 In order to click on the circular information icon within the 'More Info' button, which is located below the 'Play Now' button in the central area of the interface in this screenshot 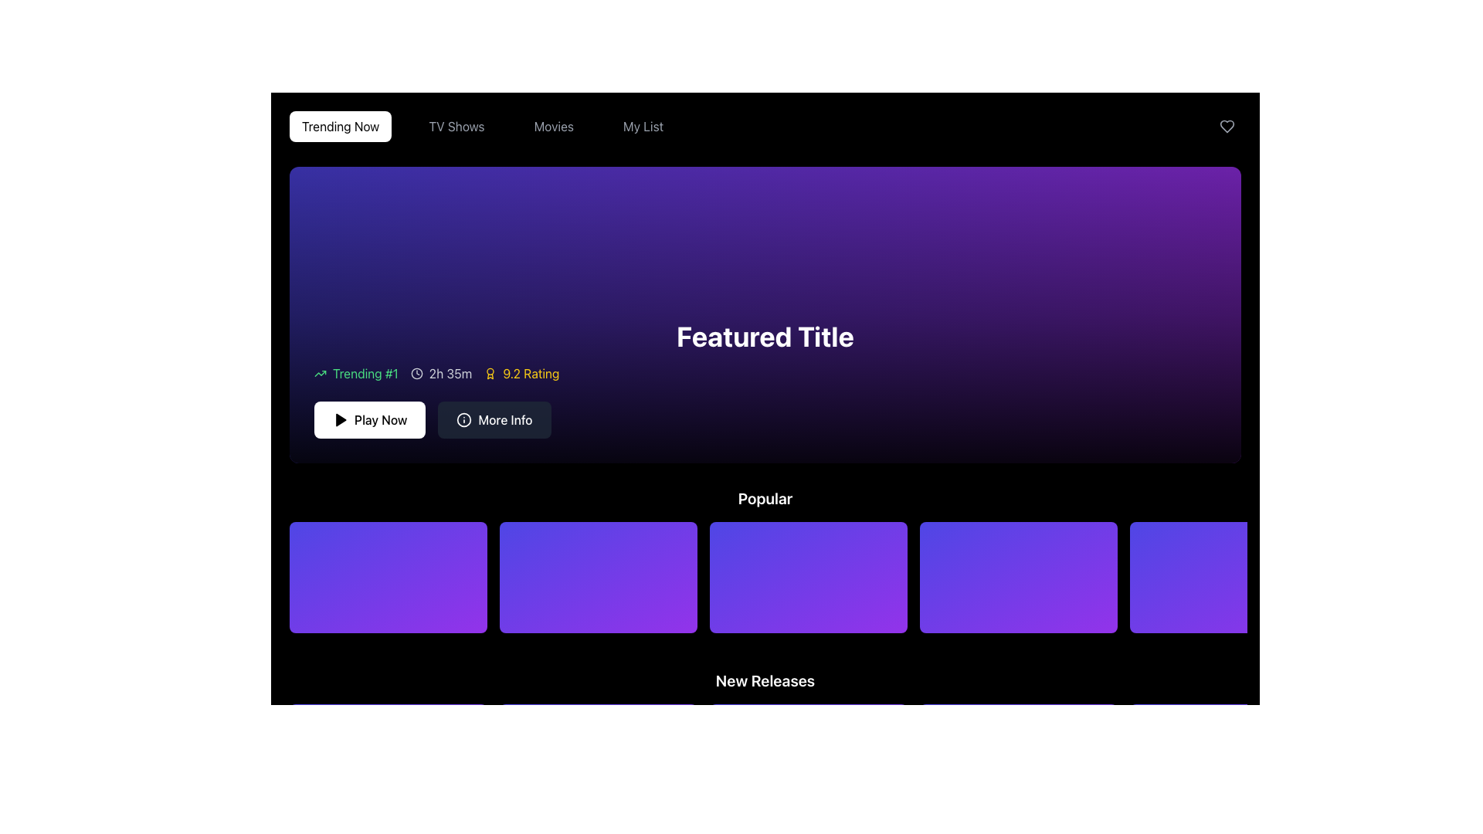, I will do `click(463, 419)`.